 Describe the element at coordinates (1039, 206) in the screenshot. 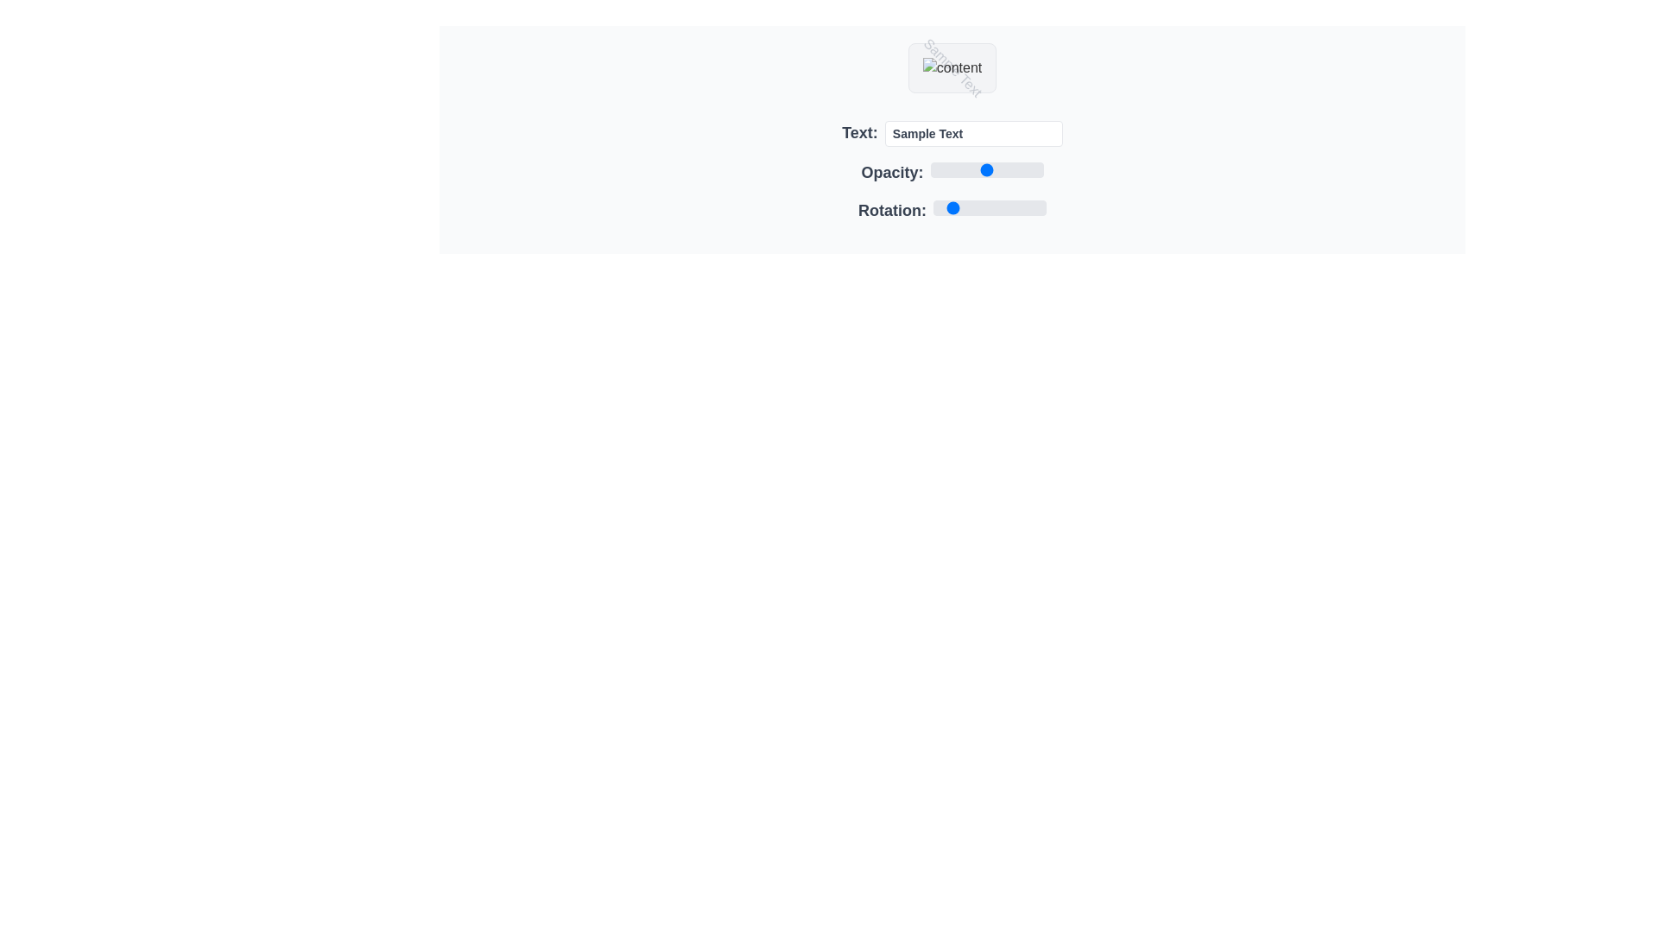

I see `rotation` at that location.